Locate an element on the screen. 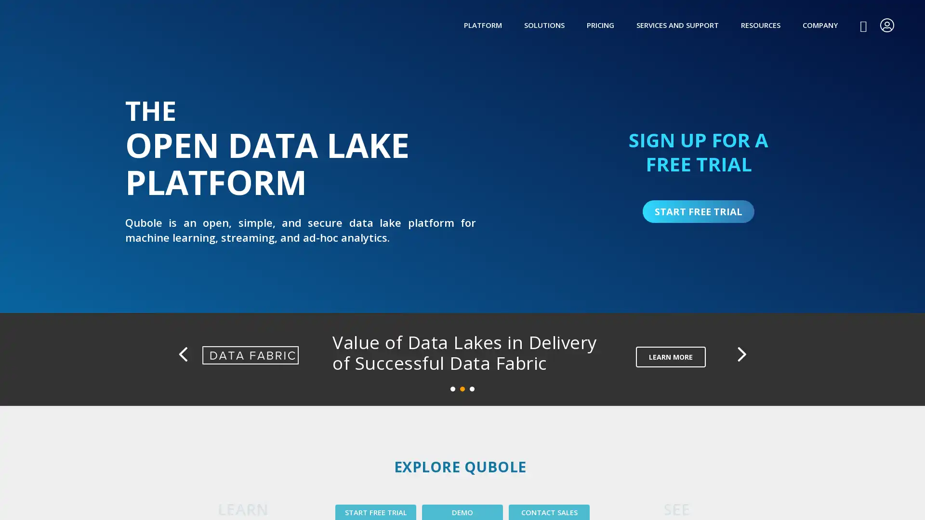 The width and height of the screenshot is (925, 520). Close is located at coordinates (902, 499).